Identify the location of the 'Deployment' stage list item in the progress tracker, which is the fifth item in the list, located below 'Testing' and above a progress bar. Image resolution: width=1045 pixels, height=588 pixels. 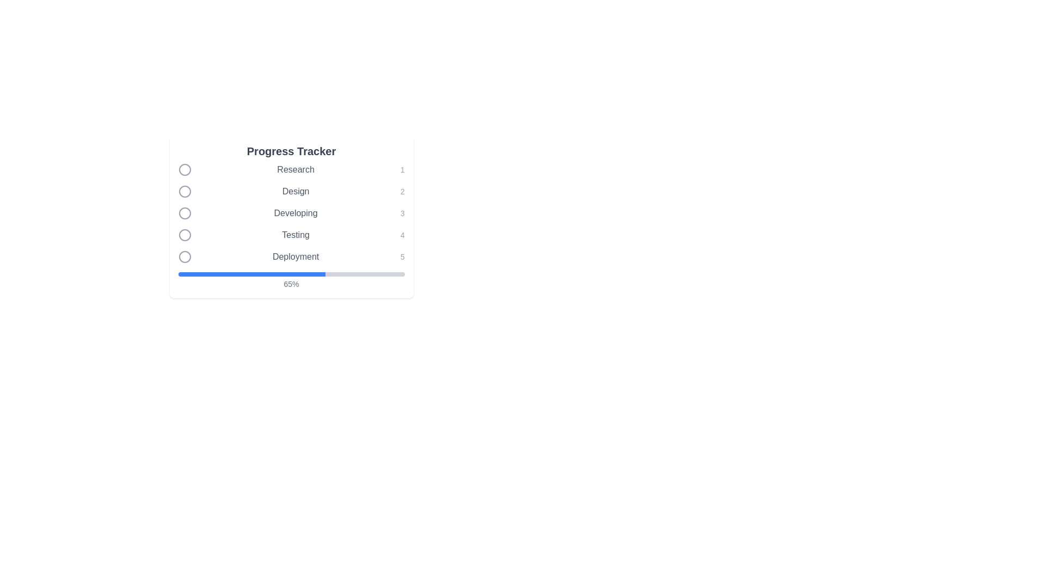
(291, 256).